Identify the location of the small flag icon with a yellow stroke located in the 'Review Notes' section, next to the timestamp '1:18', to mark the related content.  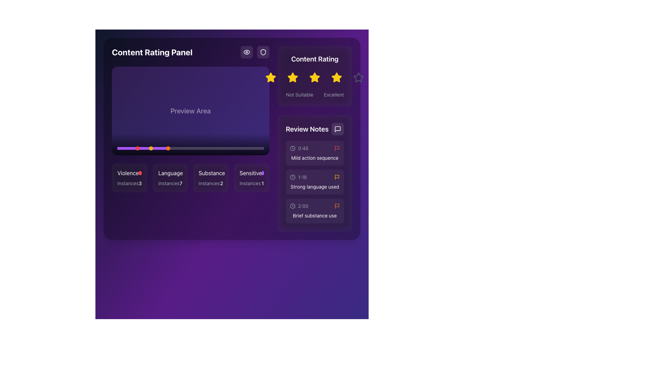
(337, 177).